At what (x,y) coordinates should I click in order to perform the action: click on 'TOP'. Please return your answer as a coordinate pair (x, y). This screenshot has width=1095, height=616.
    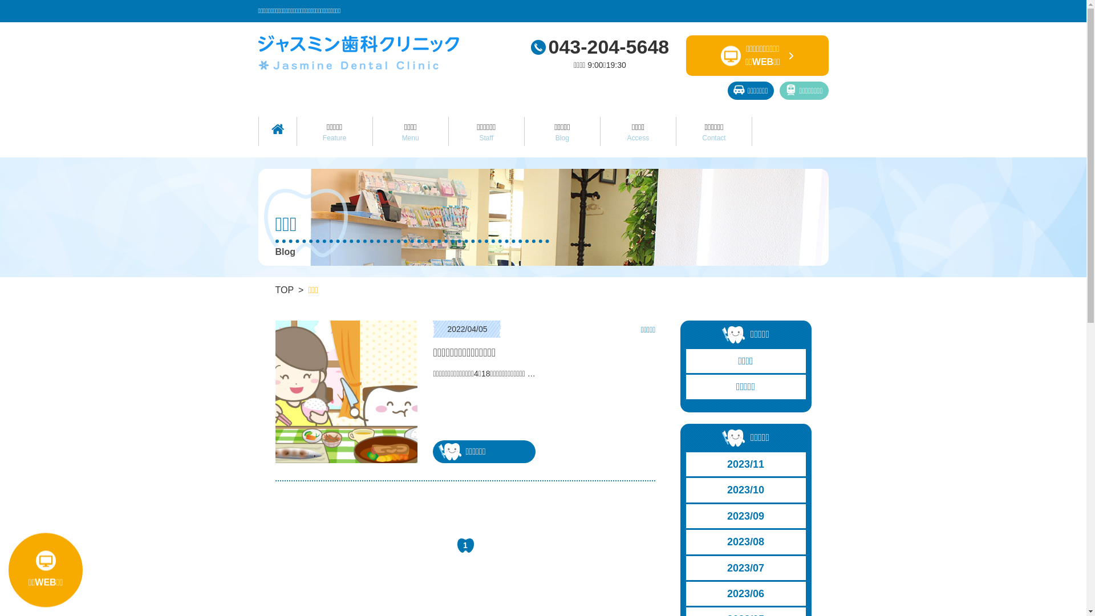
    Looking at the image, I should click on (284, 289).